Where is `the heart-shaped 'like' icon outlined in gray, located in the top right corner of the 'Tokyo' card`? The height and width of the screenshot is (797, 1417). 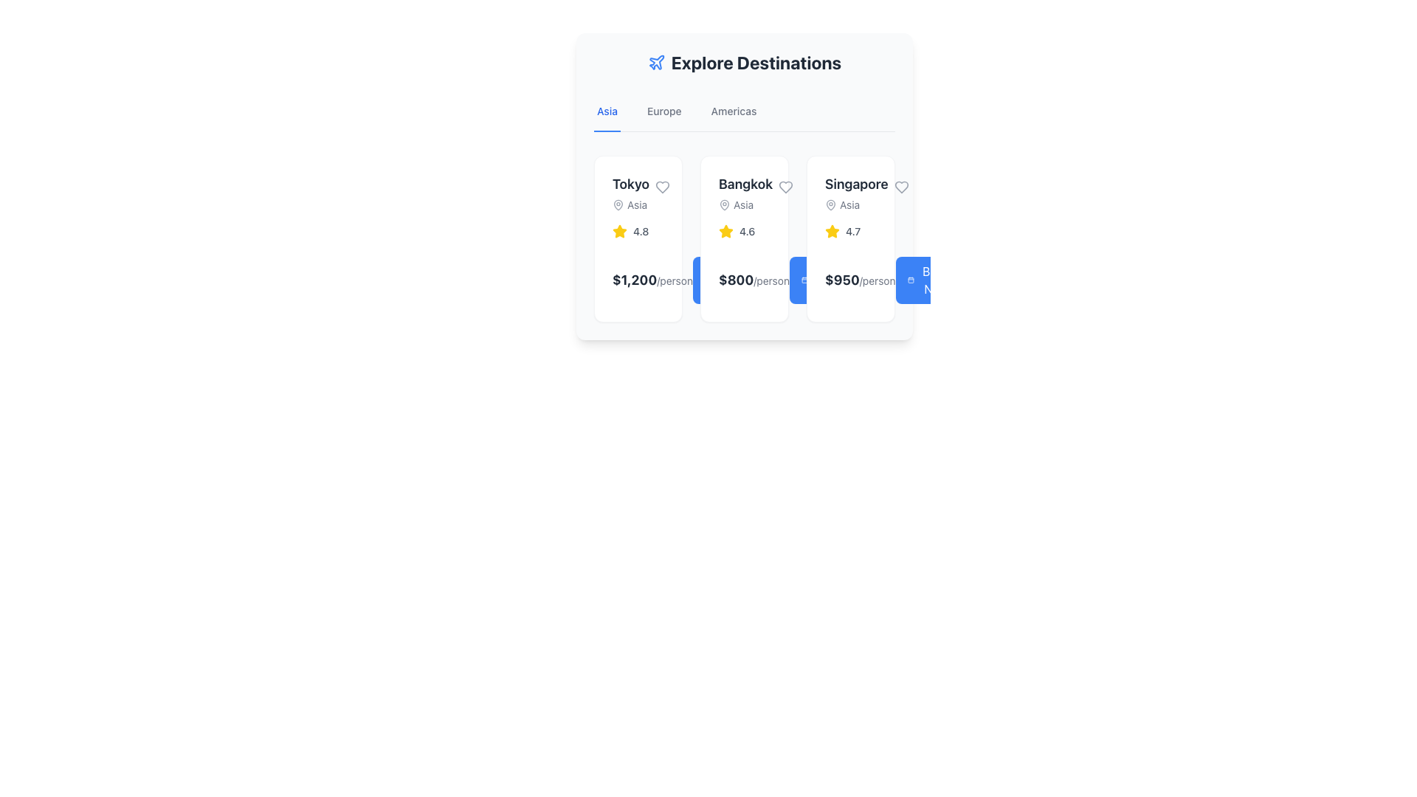 the heart-shaped 'like' icon outlined in gray, located in the top right corner of the 'Tokyo' card is located at coordinates (661, 187).